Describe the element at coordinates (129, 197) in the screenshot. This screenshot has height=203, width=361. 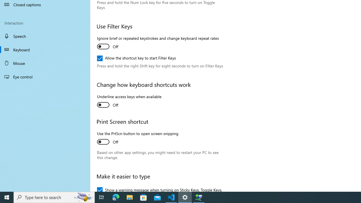
I see `'File Explorer'` at that location.